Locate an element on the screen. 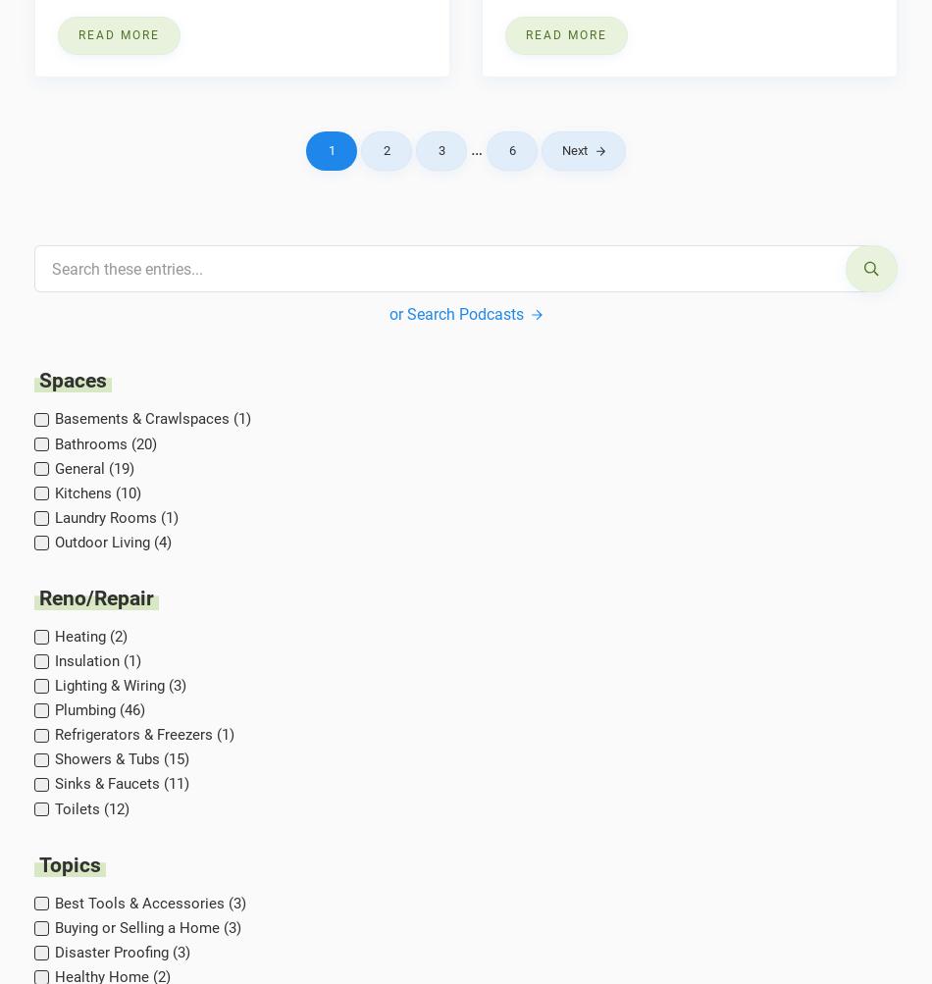  'Insulation (1)' is located at coordinates (96, 661).